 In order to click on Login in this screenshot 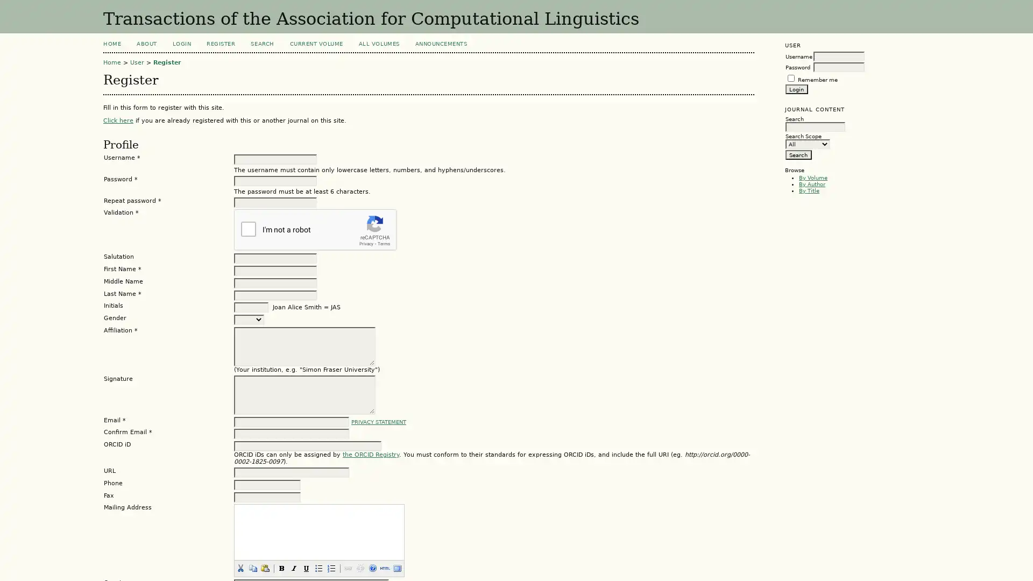, I will do `click(796, 88)`.